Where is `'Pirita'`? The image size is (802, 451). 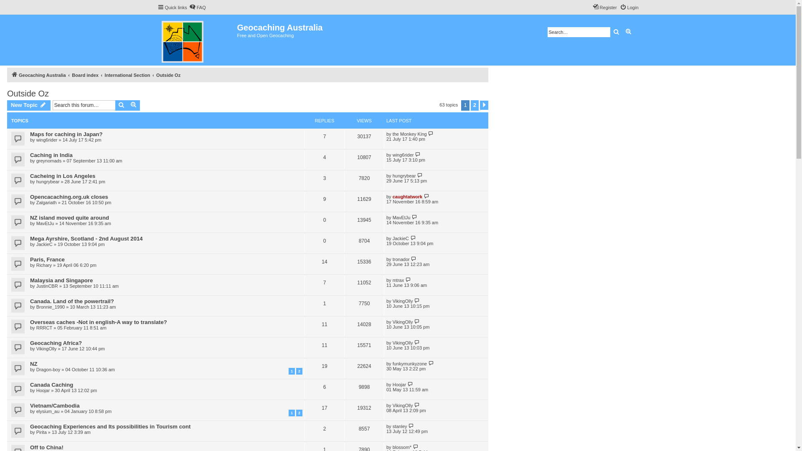 'Pirita' is located at coordinates (41, 432).